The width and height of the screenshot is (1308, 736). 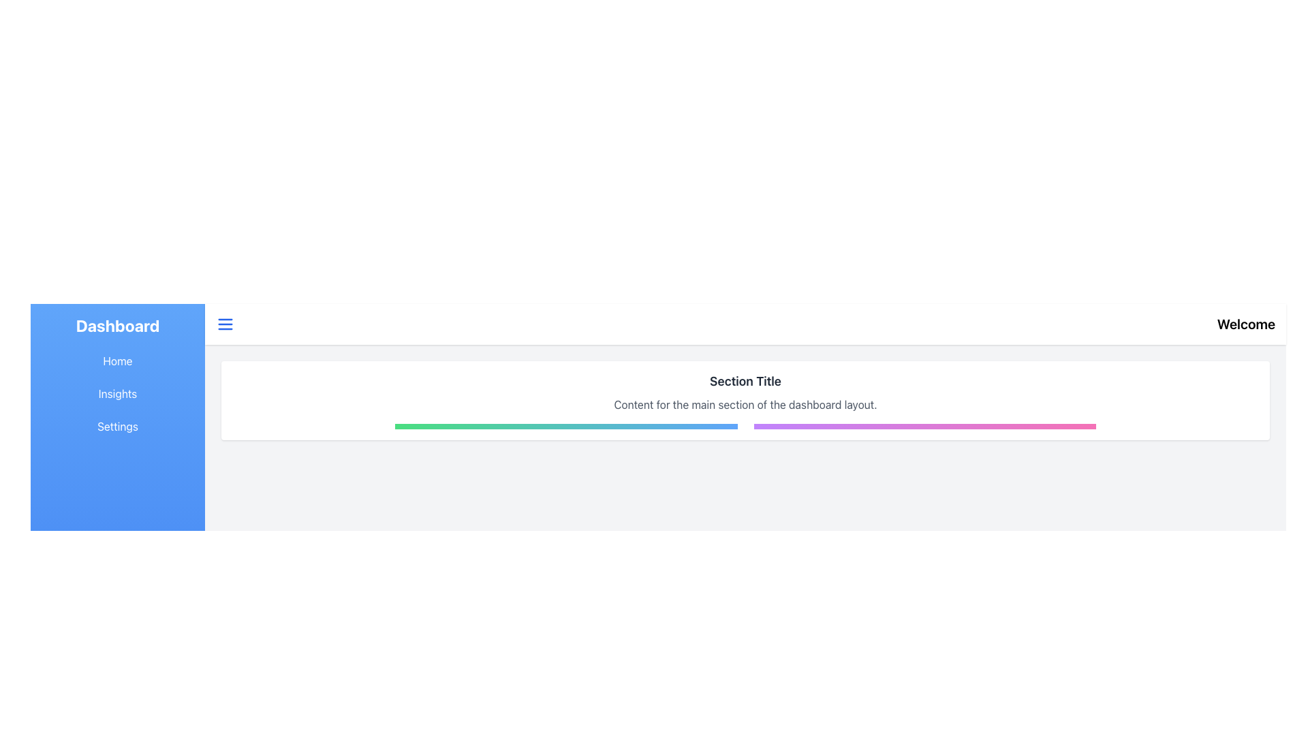 What do you see at coordinates (117, 394) in the screenshot?
I see `the 'Insights' navigation item in the blue sidebar` at bounding box center [117, 394].